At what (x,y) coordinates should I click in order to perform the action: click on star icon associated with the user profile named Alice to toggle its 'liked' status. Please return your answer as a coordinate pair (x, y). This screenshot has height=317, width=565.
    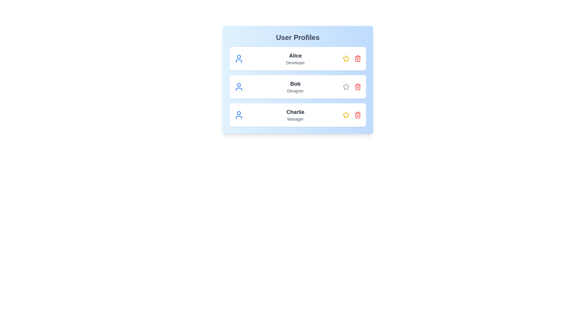
    Looking at the image, I should click on (346, 59).